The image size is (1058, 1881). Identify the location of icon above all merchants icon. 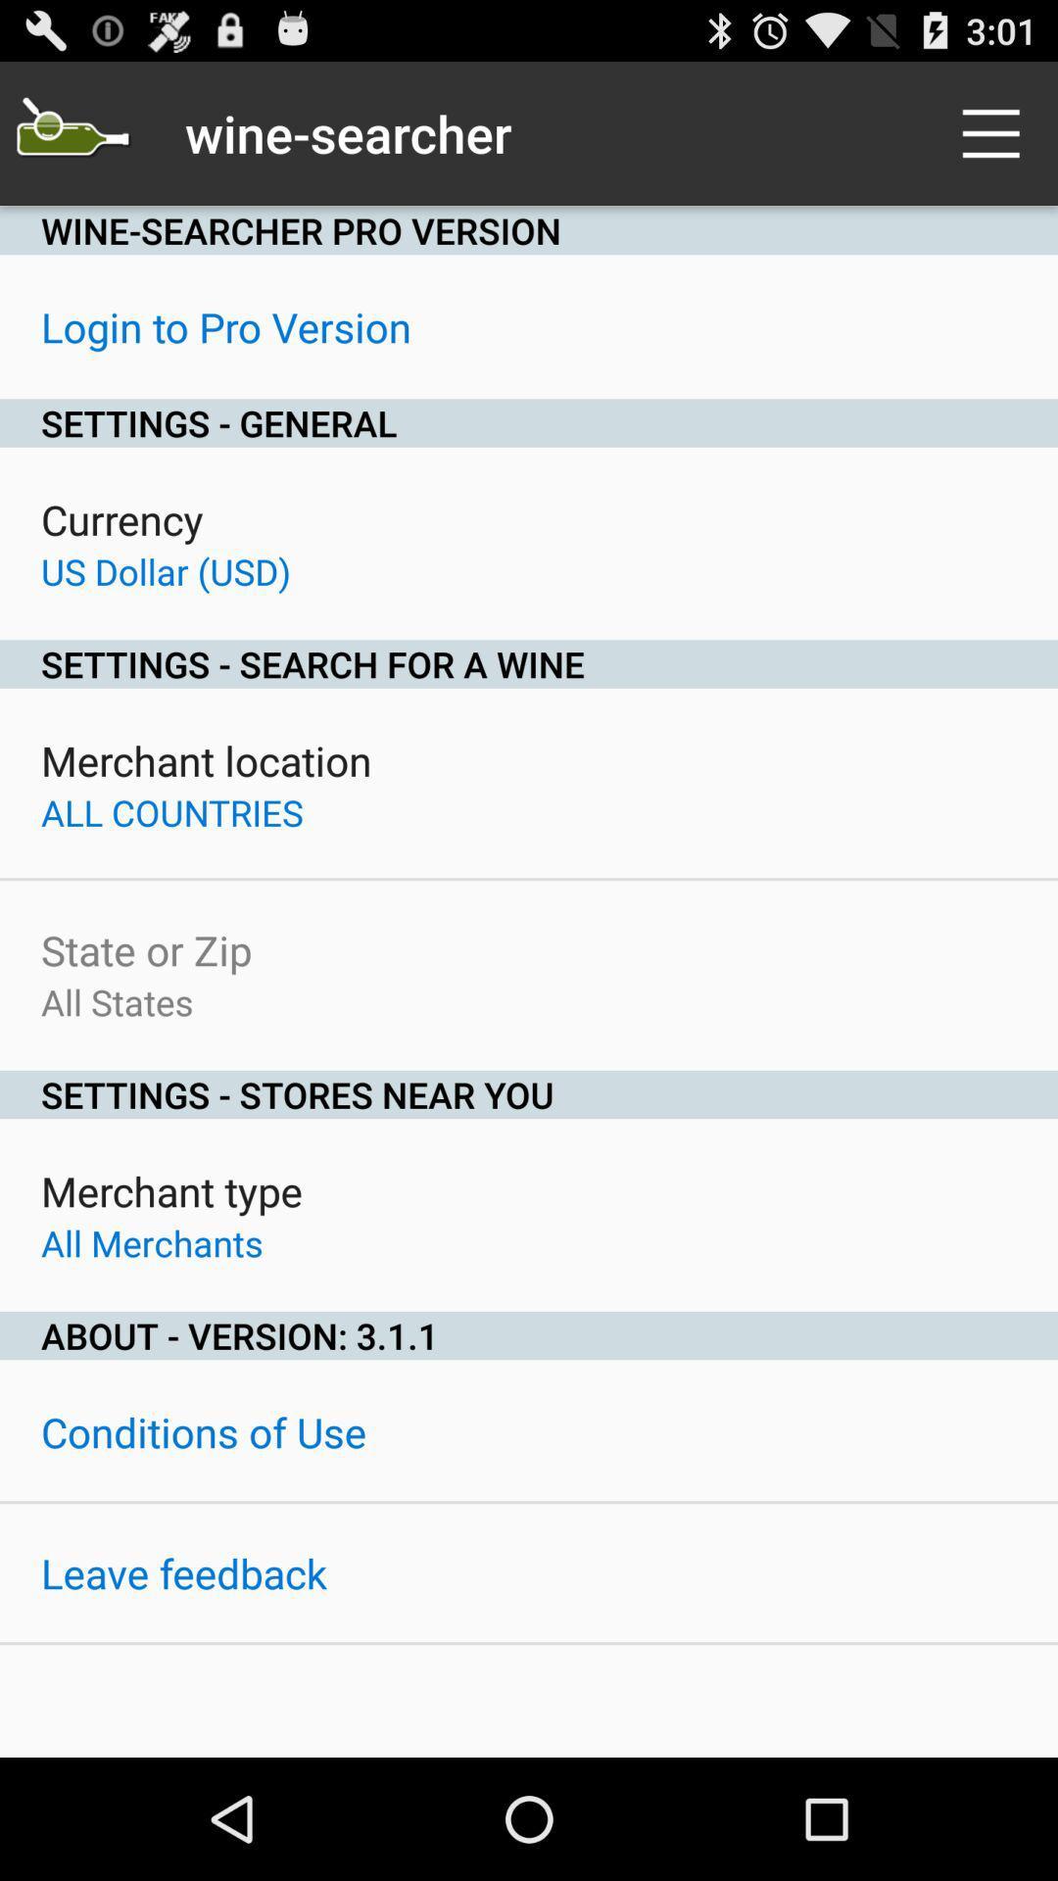
(170, 1189).